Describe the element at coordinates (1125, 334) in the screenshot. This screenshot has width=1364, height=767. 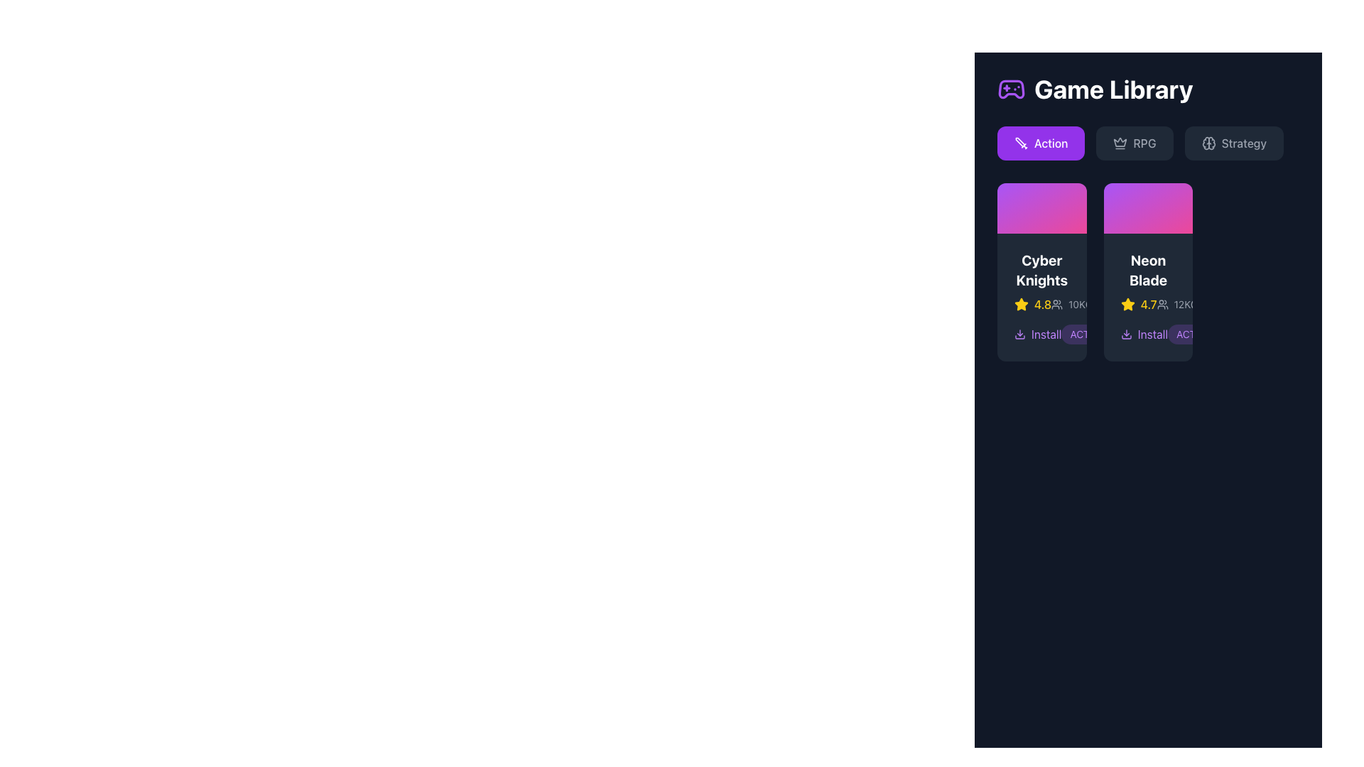
I see `the gray-to-purple gradient downward-facing arrow icon in the 'Neon Blade' game card section to initiate a download` at that location.